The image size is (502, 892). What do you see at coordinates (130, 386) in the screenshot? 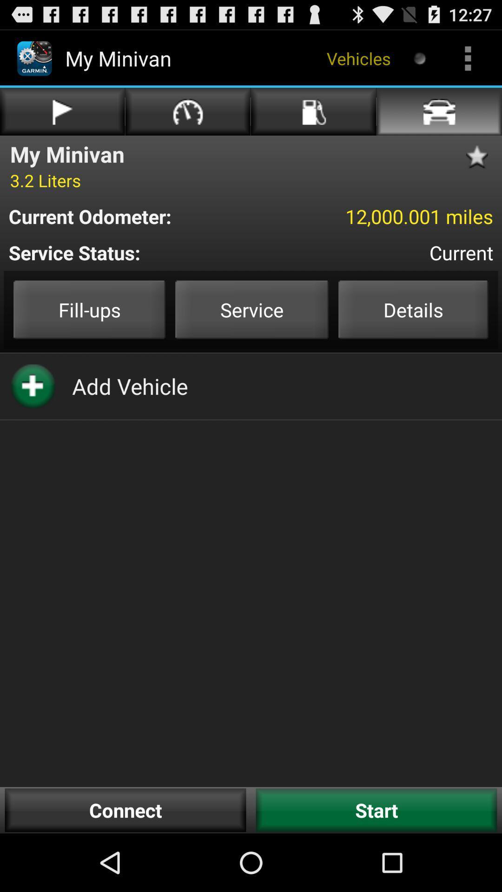
I see `add vehicle icon` at bounding box center [130, 386].